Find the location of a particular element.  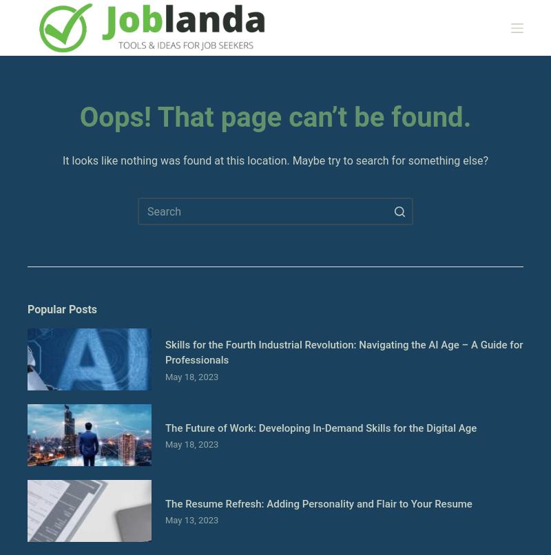

'Join our community today and gain the knowledge and skills to flourish in your career.' is located at coordinates (236, 371).